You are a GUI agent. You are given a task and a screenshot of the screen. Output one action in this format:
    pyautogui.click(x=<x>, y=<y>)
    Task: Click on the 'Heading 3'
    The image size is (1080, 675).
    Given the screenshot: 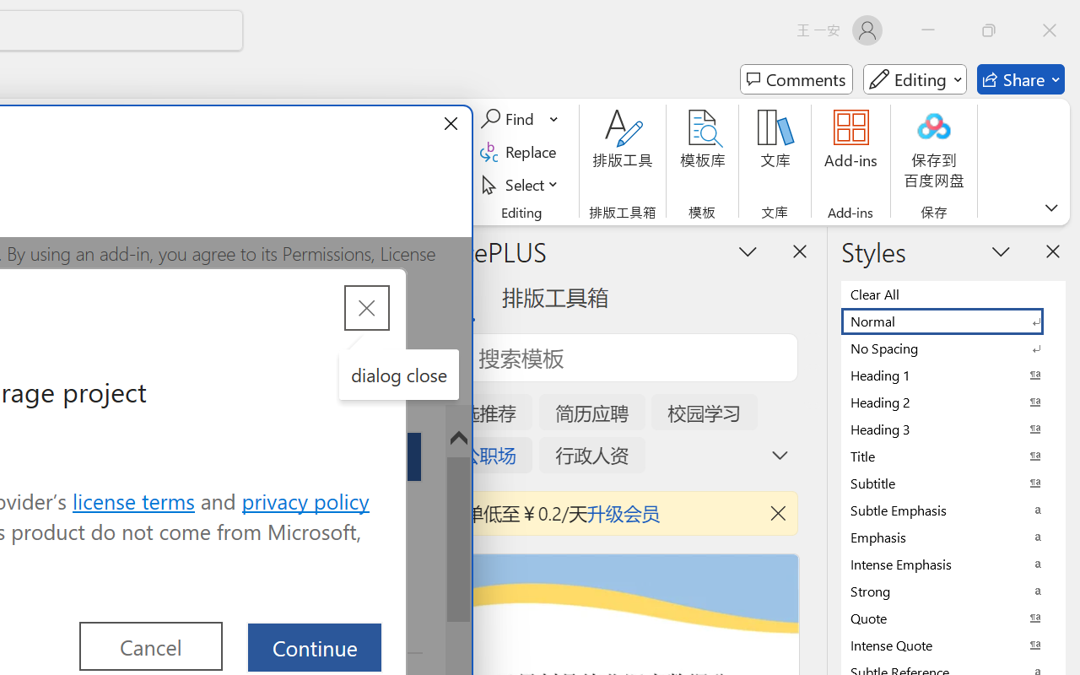 What is the action you would take?
    pyautogui.click(x=953, y=428)
    